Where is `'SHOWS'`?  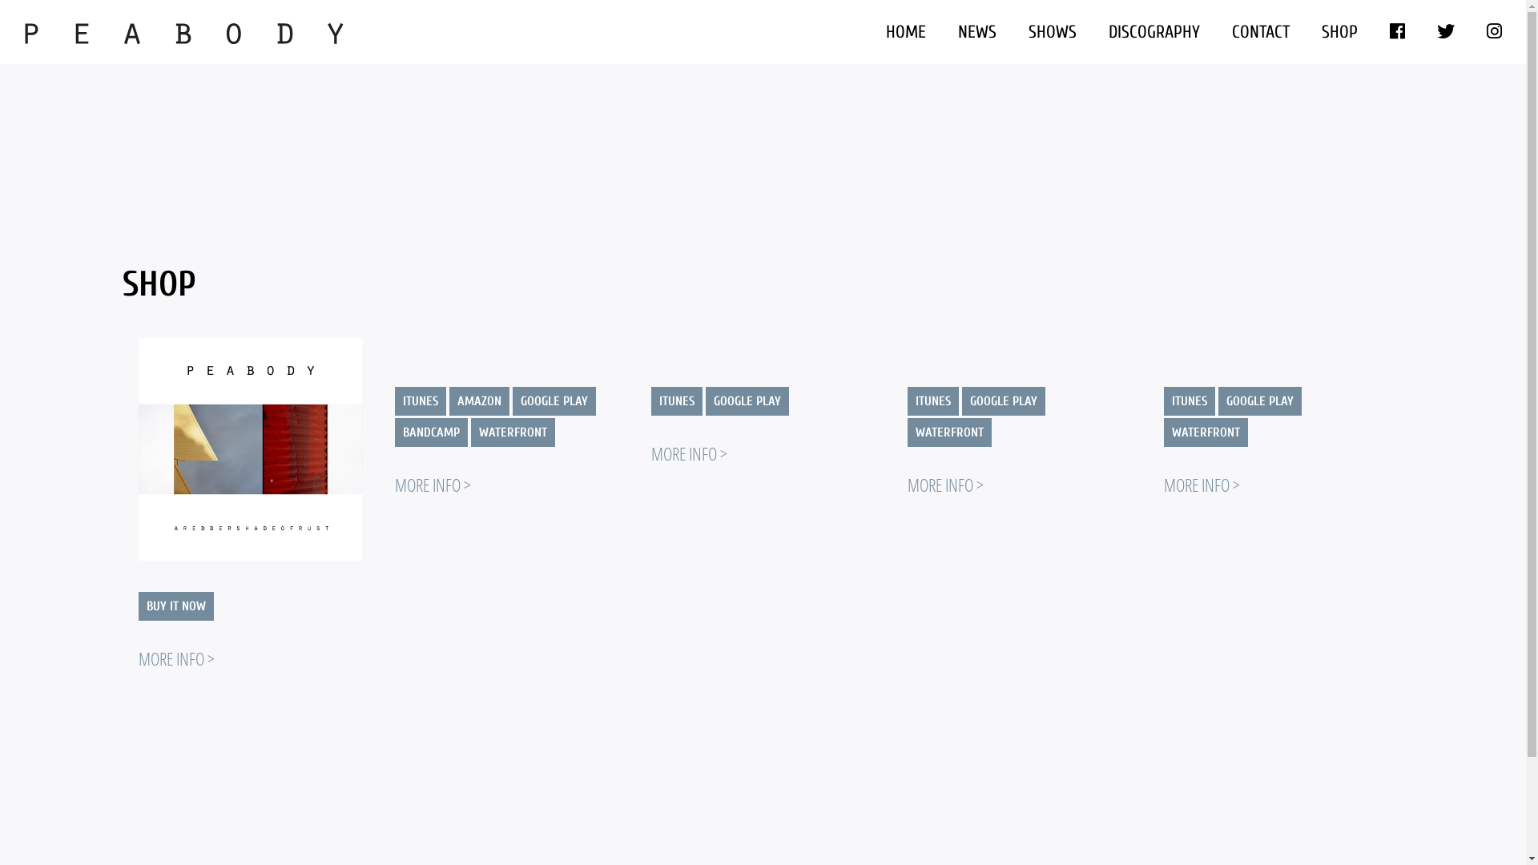 'SHOWS' is located at coordinates (1053, 31).